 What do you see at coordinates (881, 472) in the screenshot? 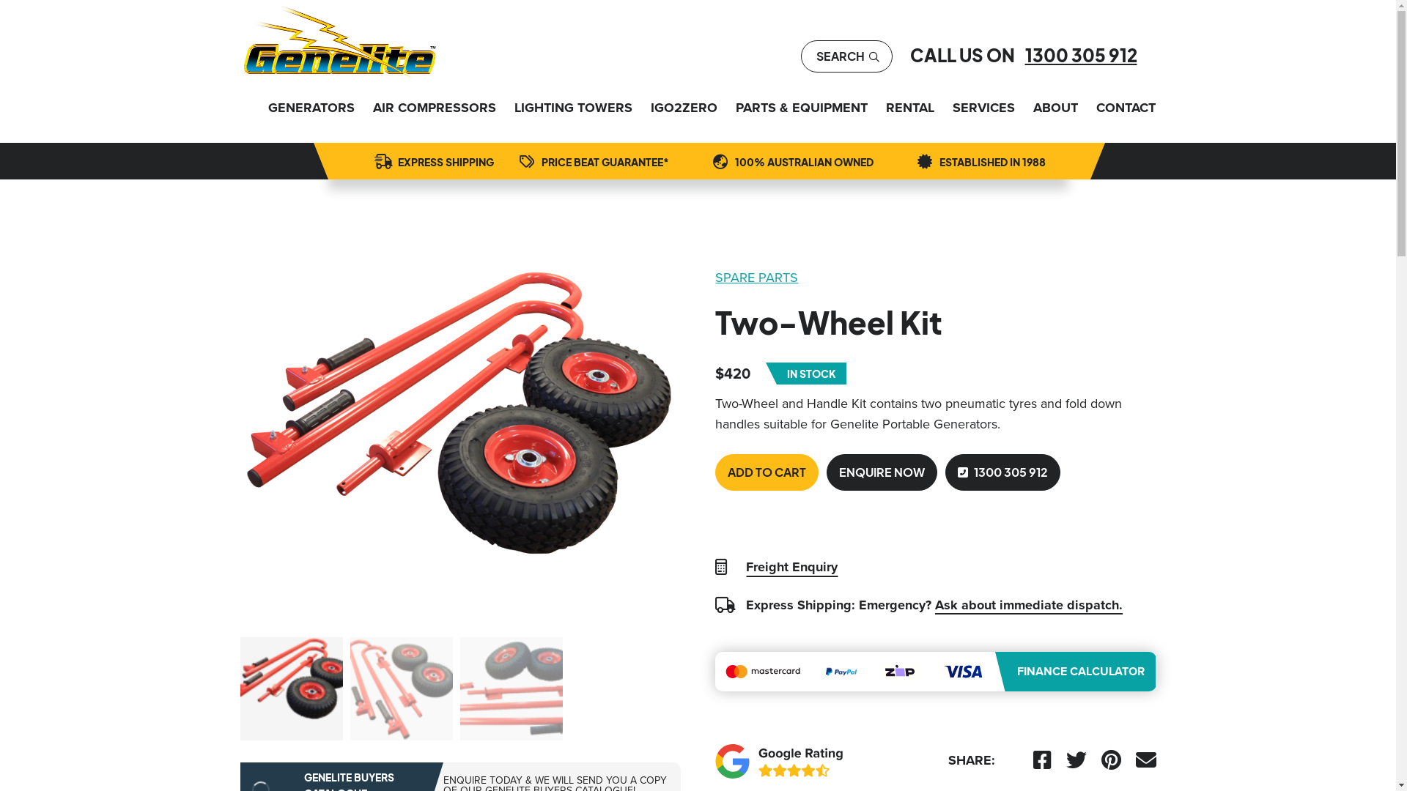
I see `'ENQUIRE NOW'` at bounding box center [881, 472].